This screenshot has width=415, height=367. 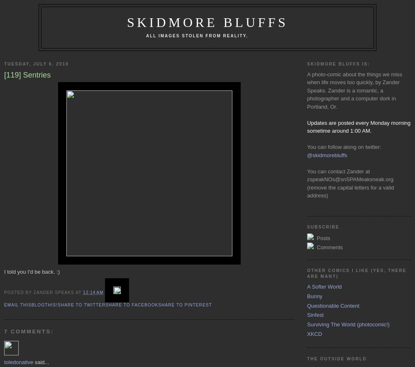 I want to click on 'A Softer World', so click(x=324, y=286).